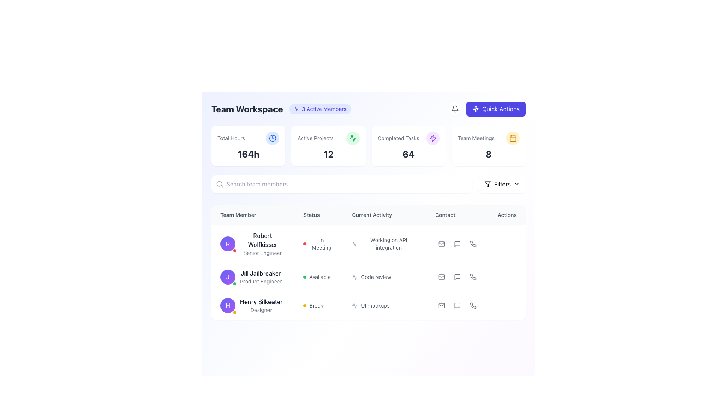 This screenshot has height=406, width=721. I want to click on the grayish envelope-shaped SVG graphic component in the 'Contact' column of the 'Actions' row, so click(442, 306).